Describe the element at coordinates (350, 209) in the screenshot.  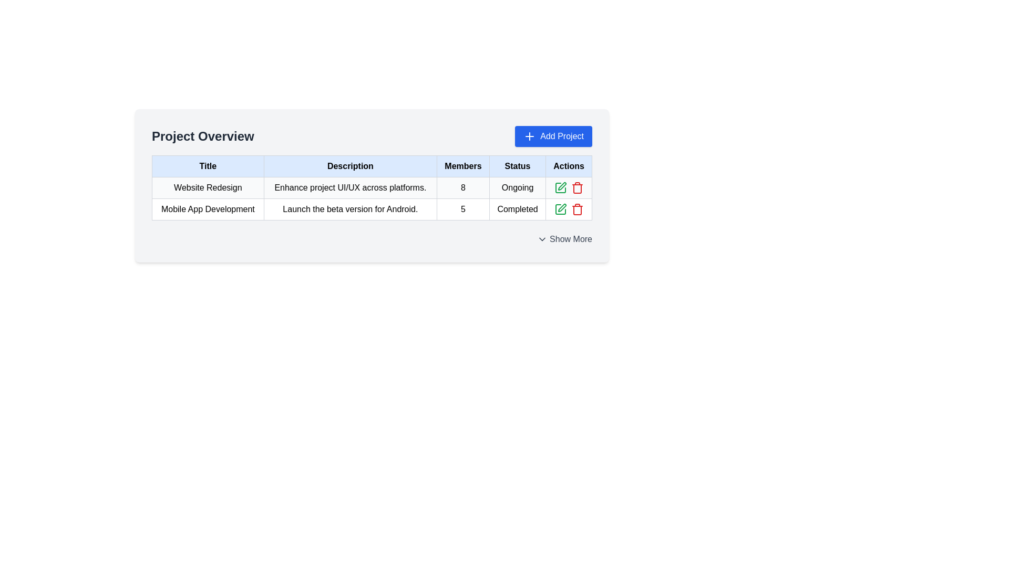
I see `the Text Label that says 'Launch the beta version for Android.' located in the second row of the table under the 'Description' column` at that location.